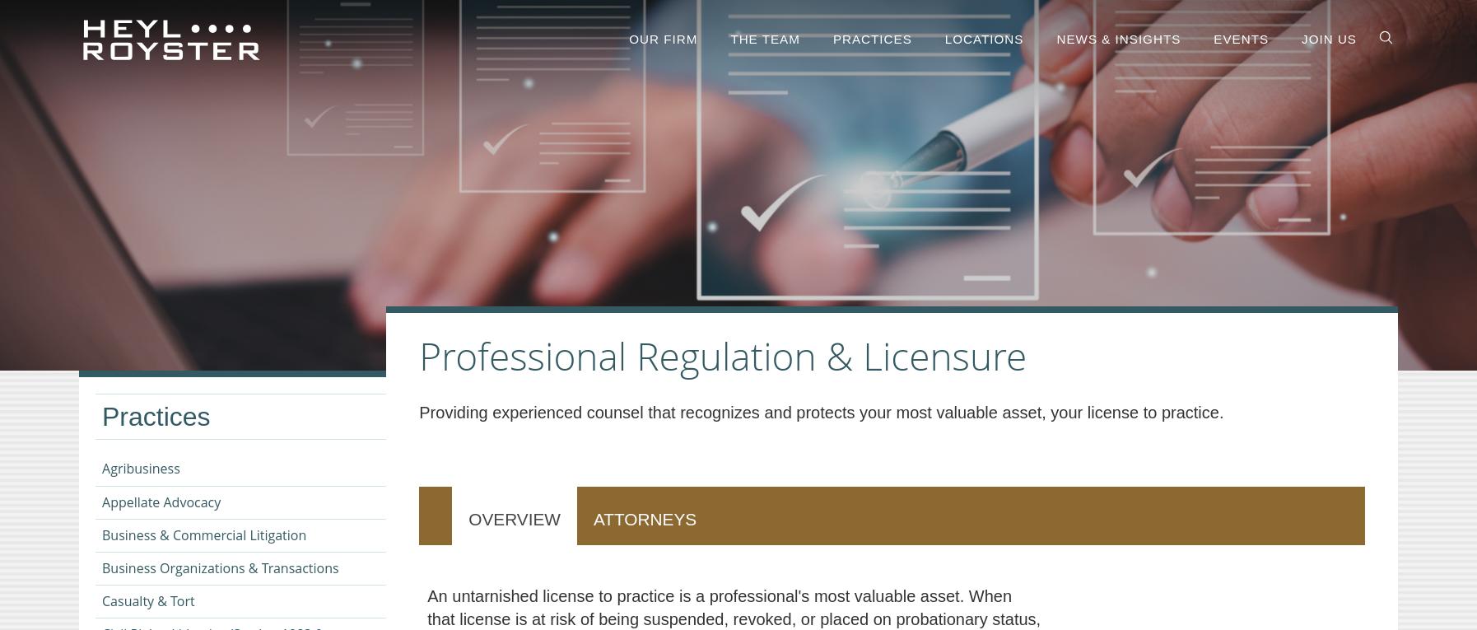  I want to click on 'The Team', so click(763, 39).